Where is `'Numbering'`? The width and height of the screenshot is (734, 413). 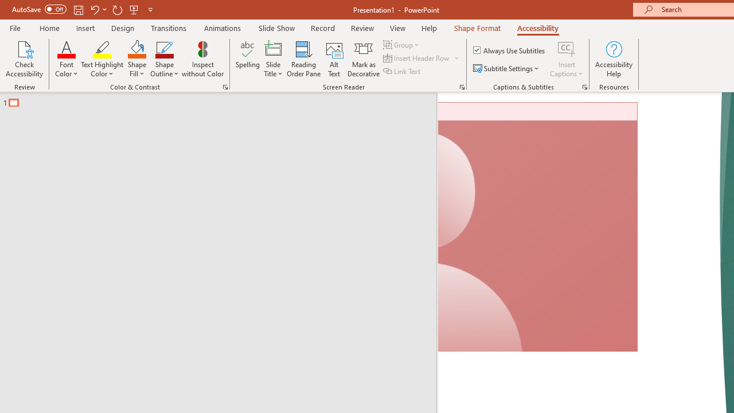 'Numbering' is located at coordinates (452, 78).